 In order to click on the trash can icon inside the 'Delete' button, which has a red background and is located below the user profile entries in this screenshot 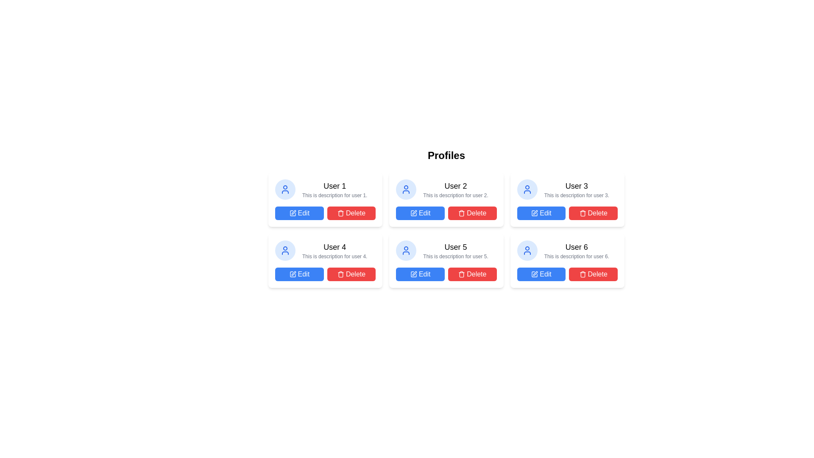, I will do `click(461, 274)`.